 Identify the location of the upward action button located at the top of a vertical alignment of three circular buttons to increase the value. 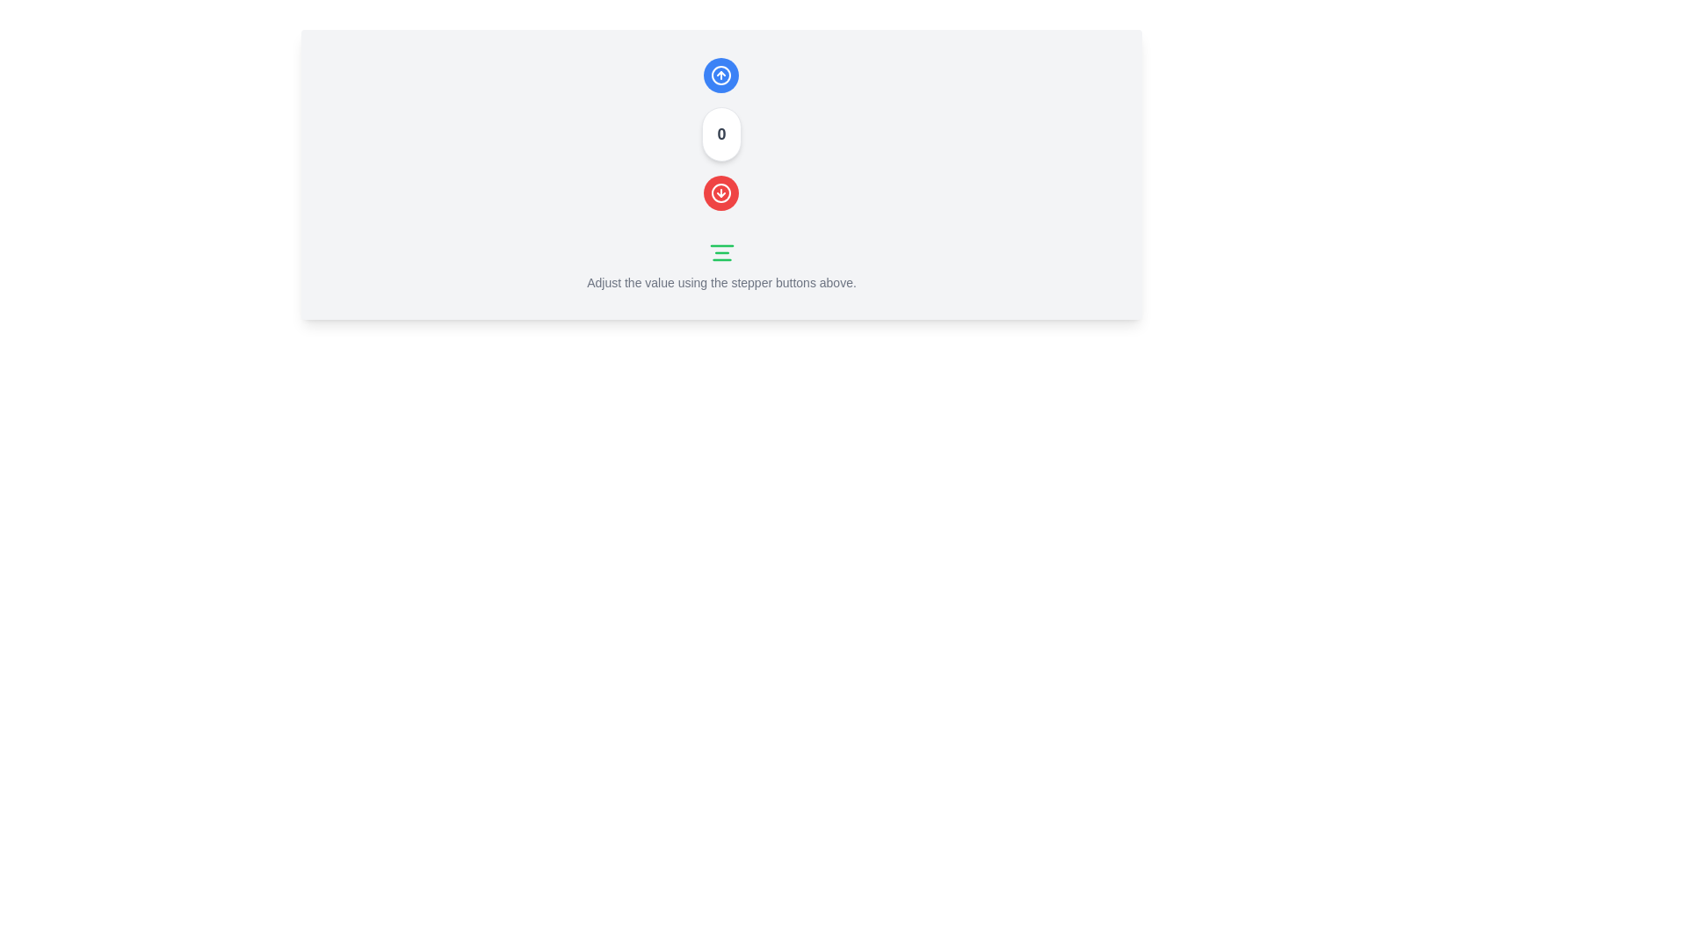
(721, 74).